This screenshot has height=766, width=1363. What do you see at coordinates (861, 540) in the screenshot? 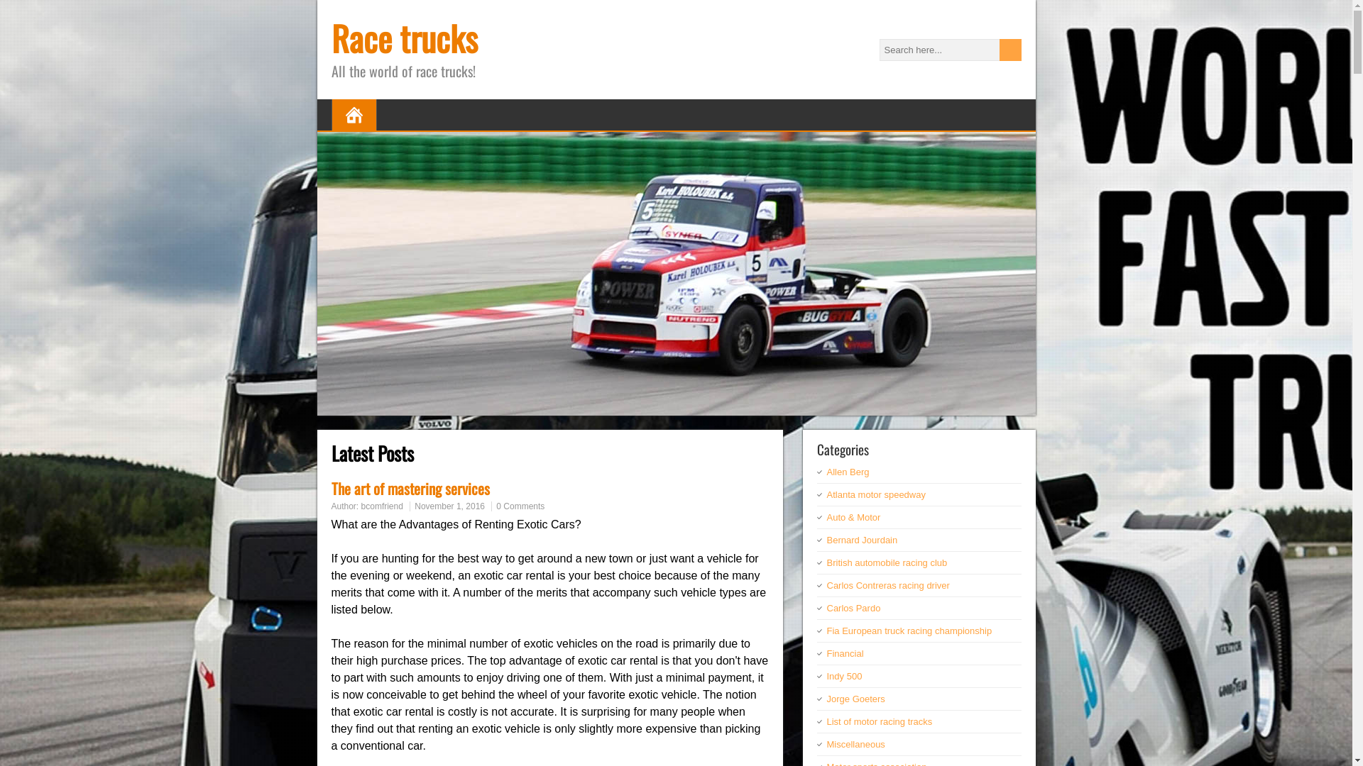
I see `'Bernard Jourdain'` at bounding box center [861, 540].